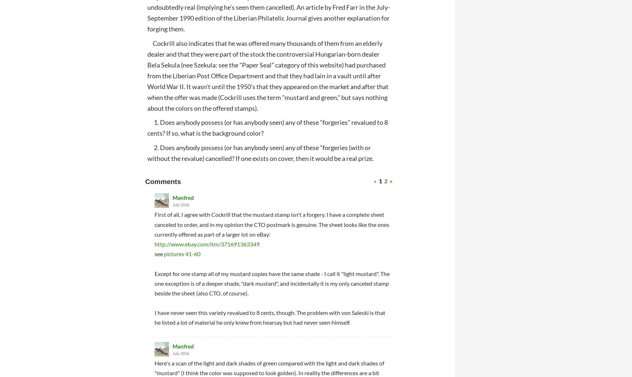  I want to click on 'First of all, I agree with Cockrill that the mustard stamp isn't a forgery. I have a complete sheet canceled to order, and in my opinion the CTO postmark is genuine. The sheet looks like the ones currently offered as part of a larger lot on eBay:', so click(272, 224).